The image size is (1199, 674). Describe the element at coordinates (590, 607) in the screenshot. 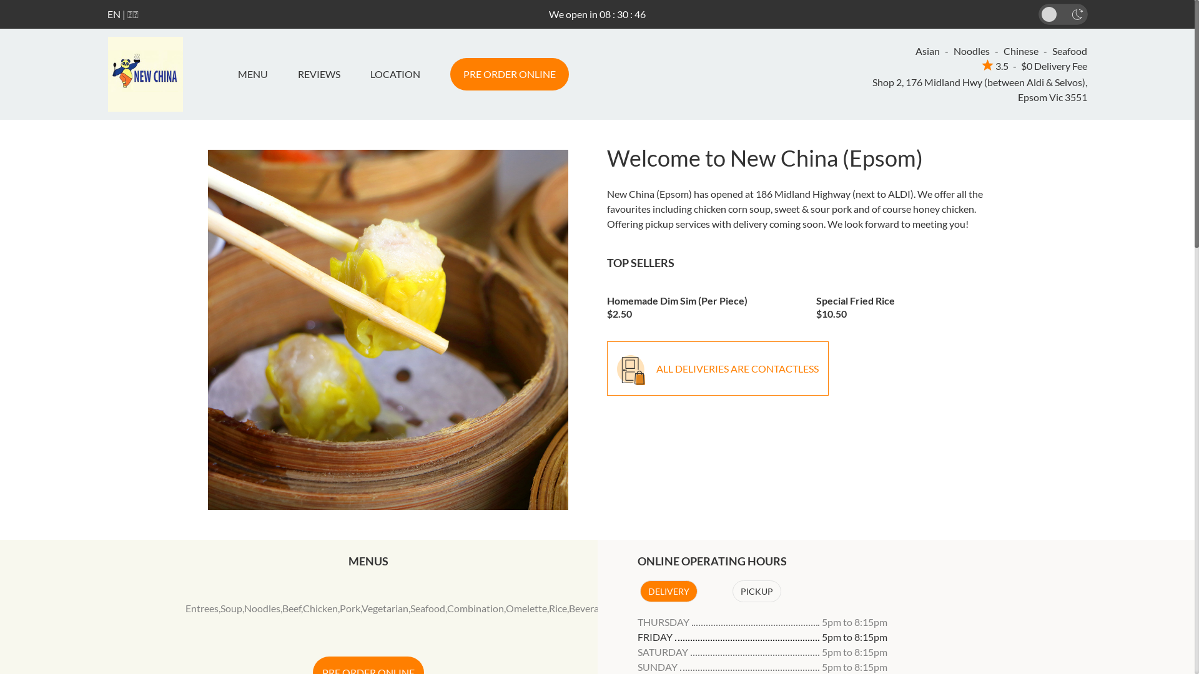

I see `'Beverages'` at that location.